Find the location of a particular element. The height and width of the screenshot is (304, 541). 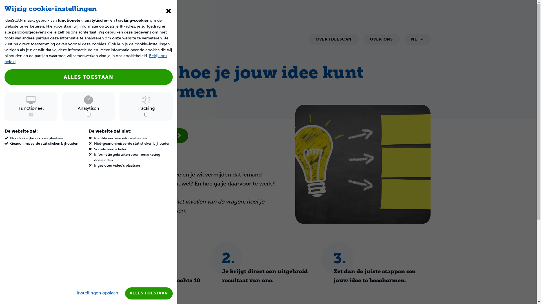

'Bekijk ons beleid' is located at coordinates (85, 59).